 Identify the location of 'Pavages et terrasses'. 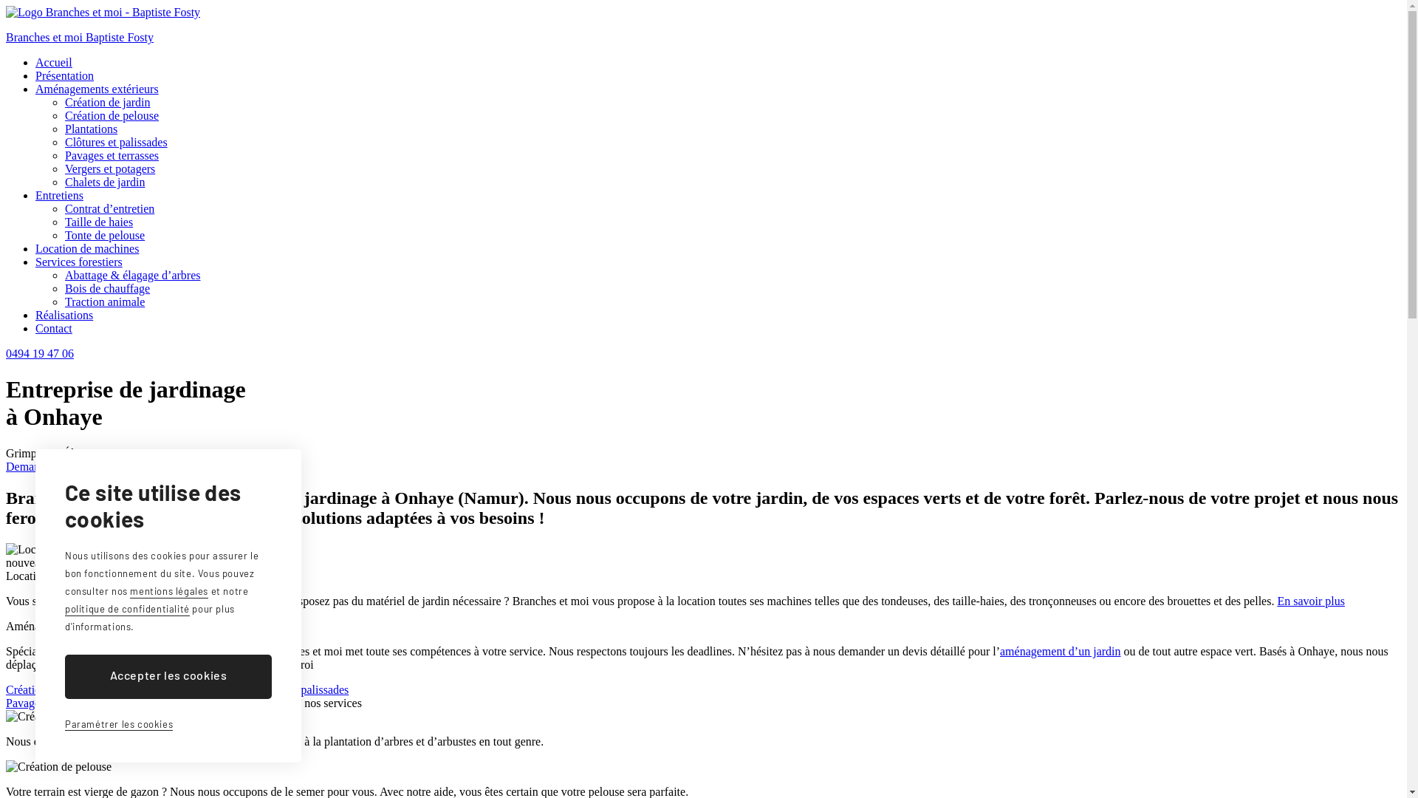
(52, 702).